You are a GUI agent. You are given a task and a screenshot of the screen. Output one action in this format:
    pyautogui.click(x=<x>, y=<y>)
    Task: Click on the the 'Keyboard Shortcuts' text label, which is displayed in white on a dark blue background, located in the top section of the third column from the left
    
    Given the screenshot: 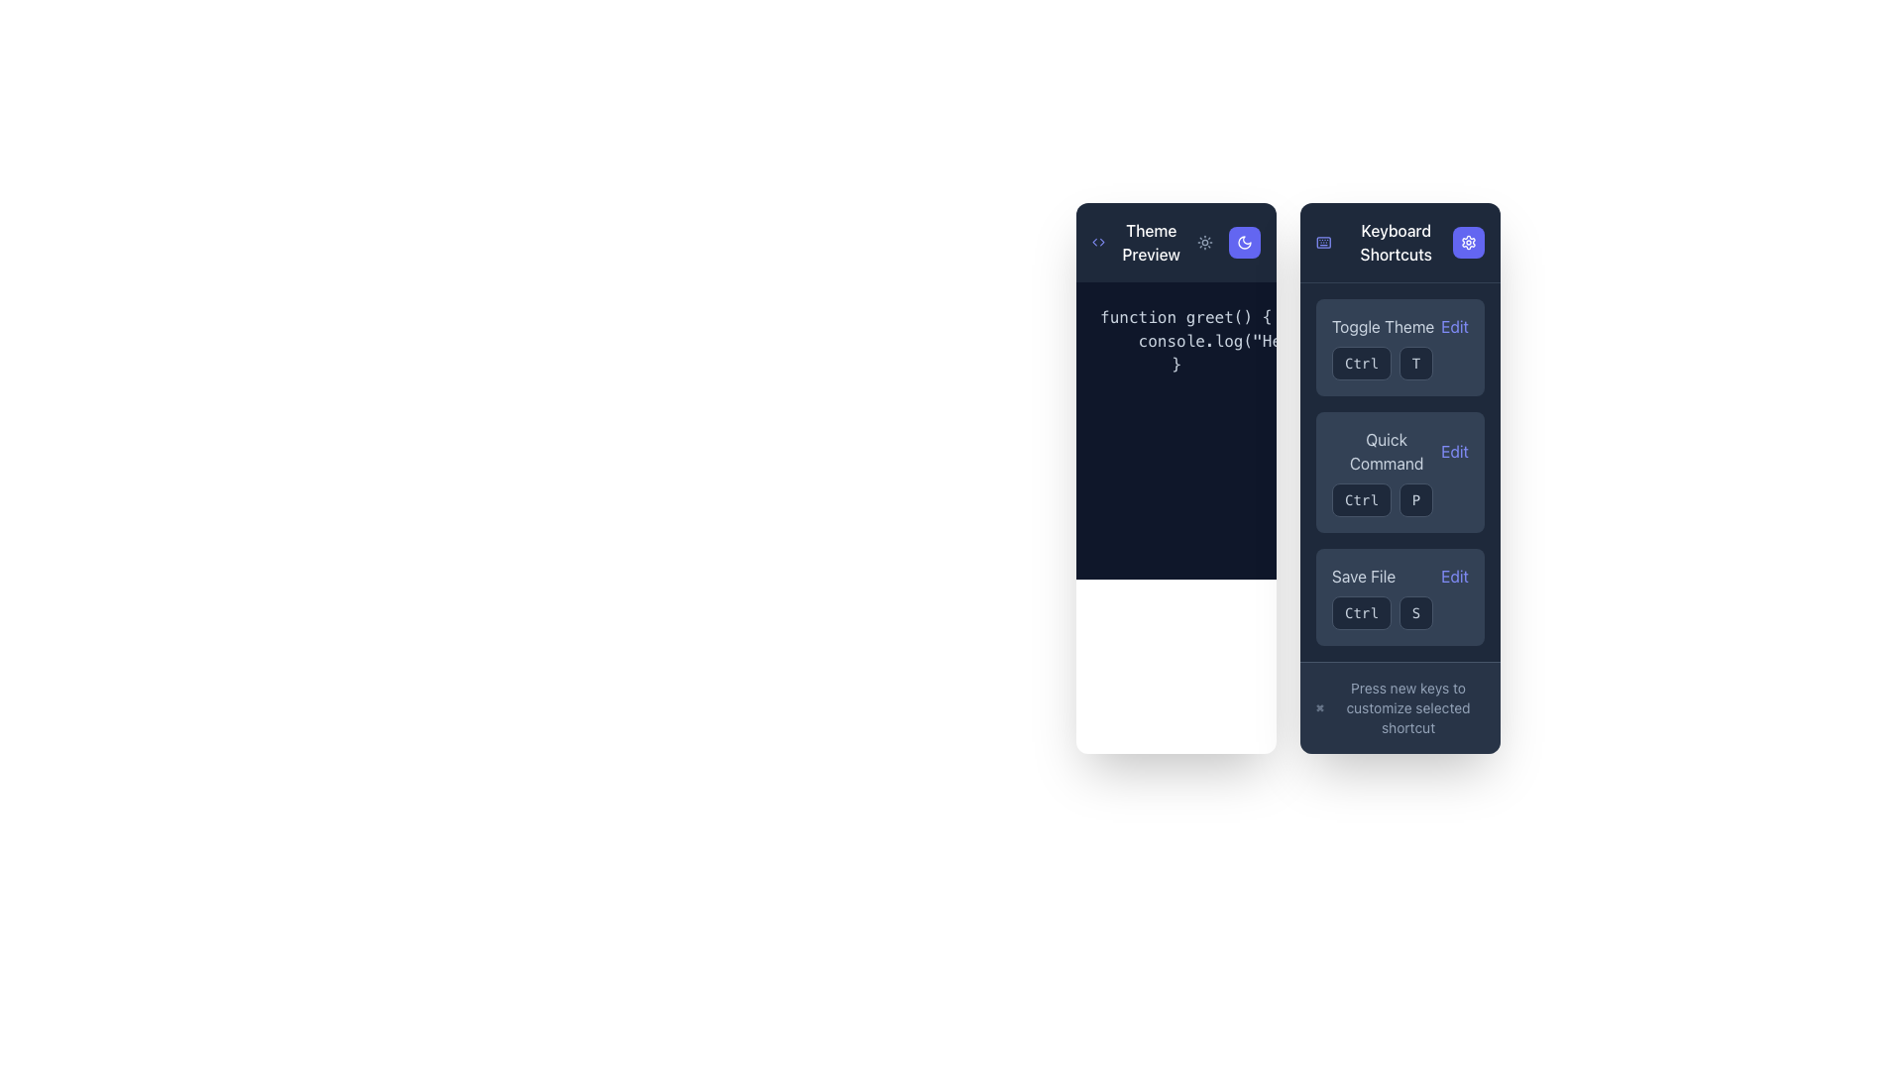 What is the action you would take?
    pyautogui.click(x=1395, y=242)
    